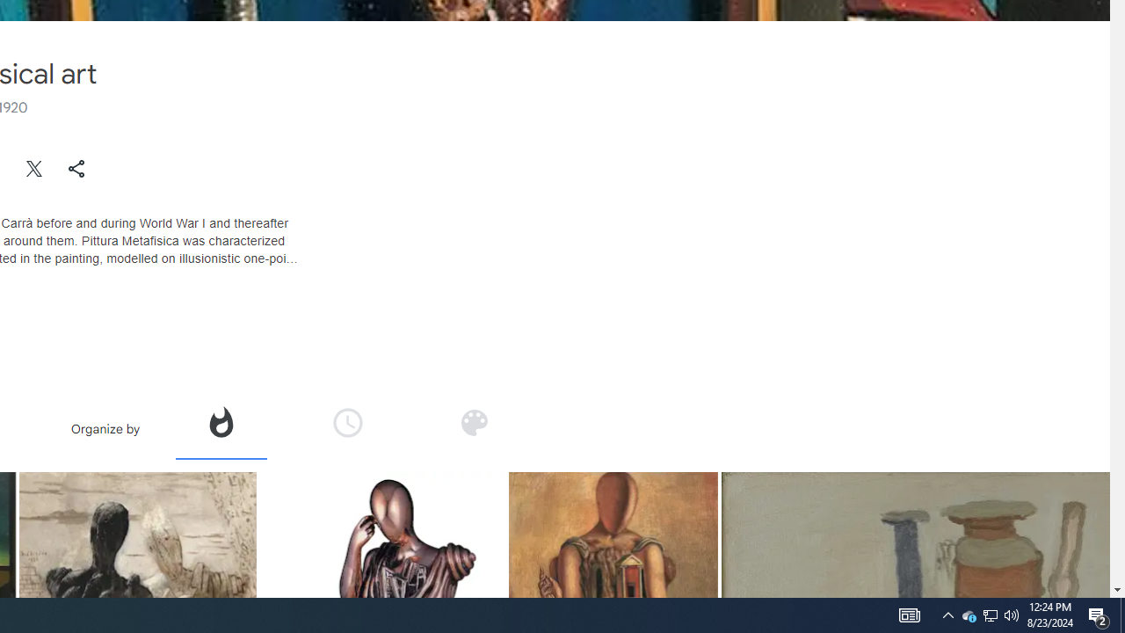 This screenshot has height=633, width=1125. I want to click on 'Organize by popularity', so click(219, 422).